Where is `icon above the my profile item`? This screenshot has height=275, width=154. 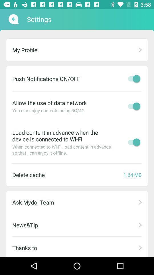 icon above the my profile item is located at coordinates (13, 19).